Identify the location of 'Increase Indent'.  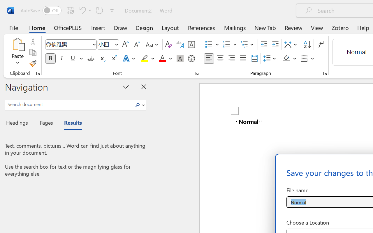
(275, 45).